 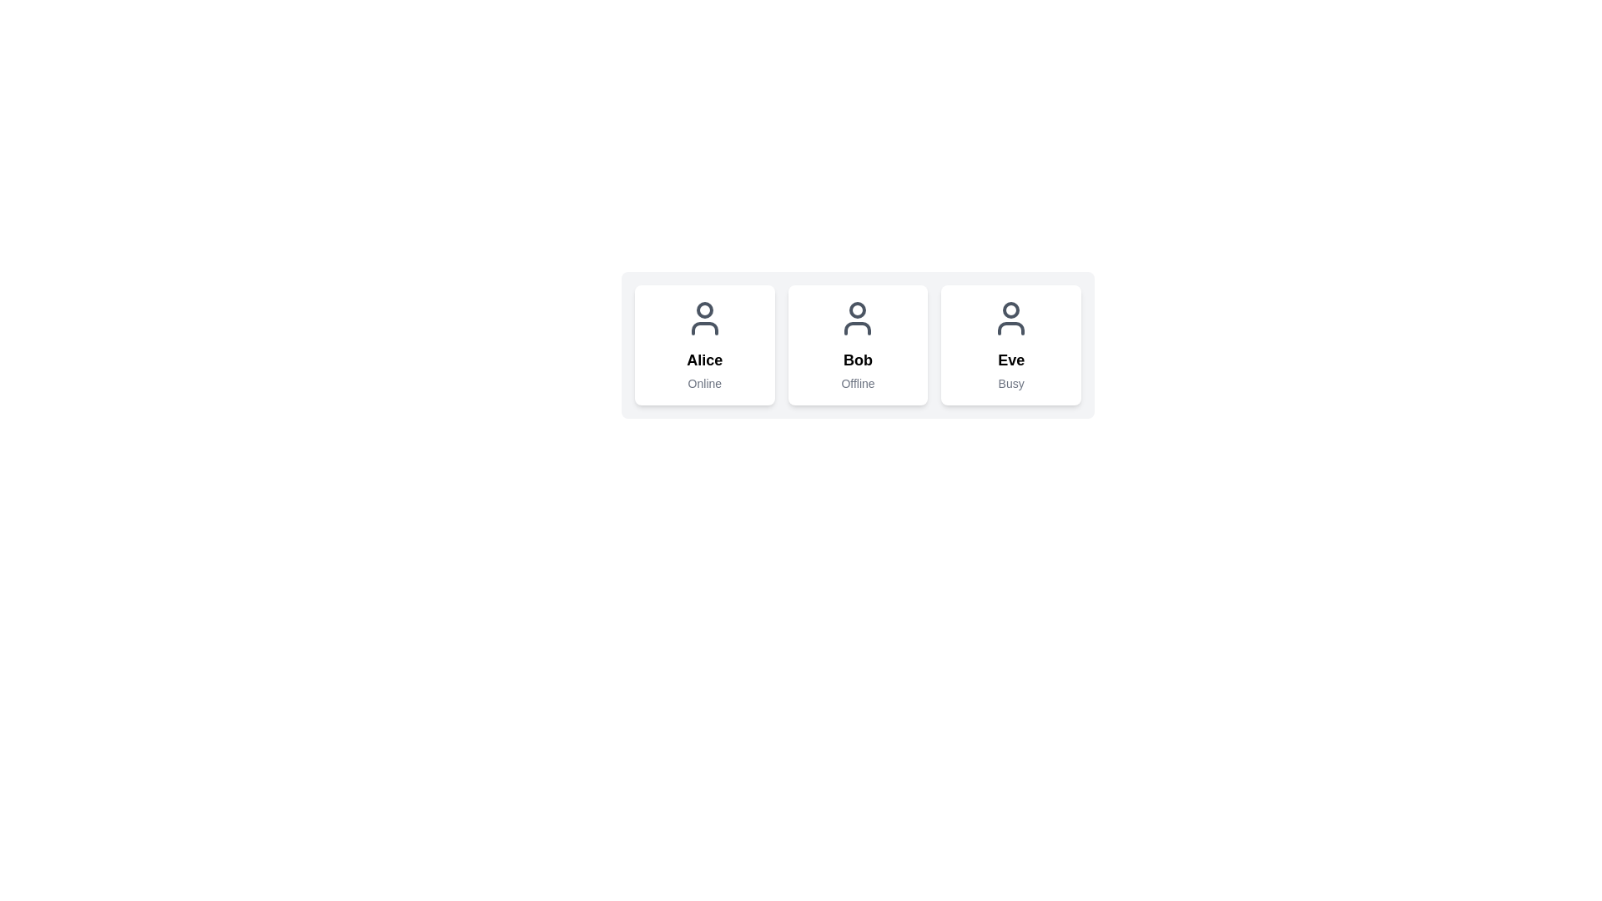 I want to click on the user avatar icon in the 'Alice' card, which is the leftmost card among three user cards aligned horizontally, so click(x=704, y=318).